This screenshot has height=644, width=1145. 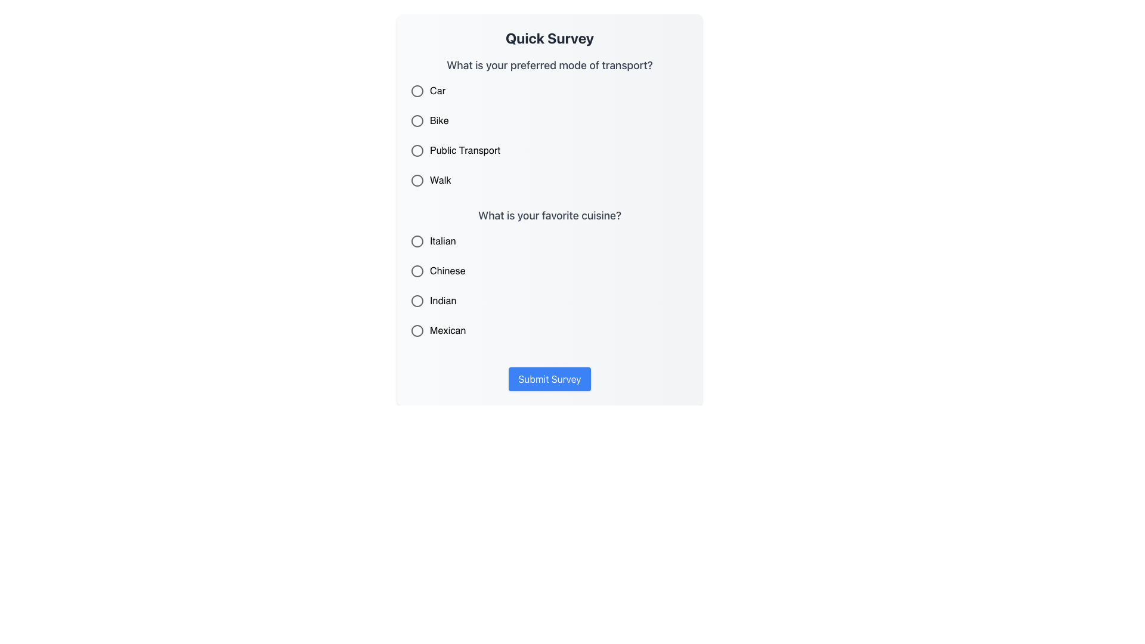 I want to click on the radio button labeled 'Indian', so click(x=541, y=301).